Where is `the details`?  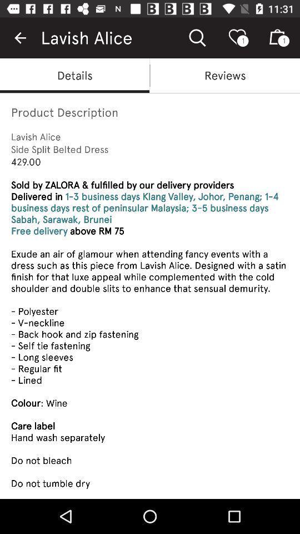
the details is located at coordinates (74, 75).